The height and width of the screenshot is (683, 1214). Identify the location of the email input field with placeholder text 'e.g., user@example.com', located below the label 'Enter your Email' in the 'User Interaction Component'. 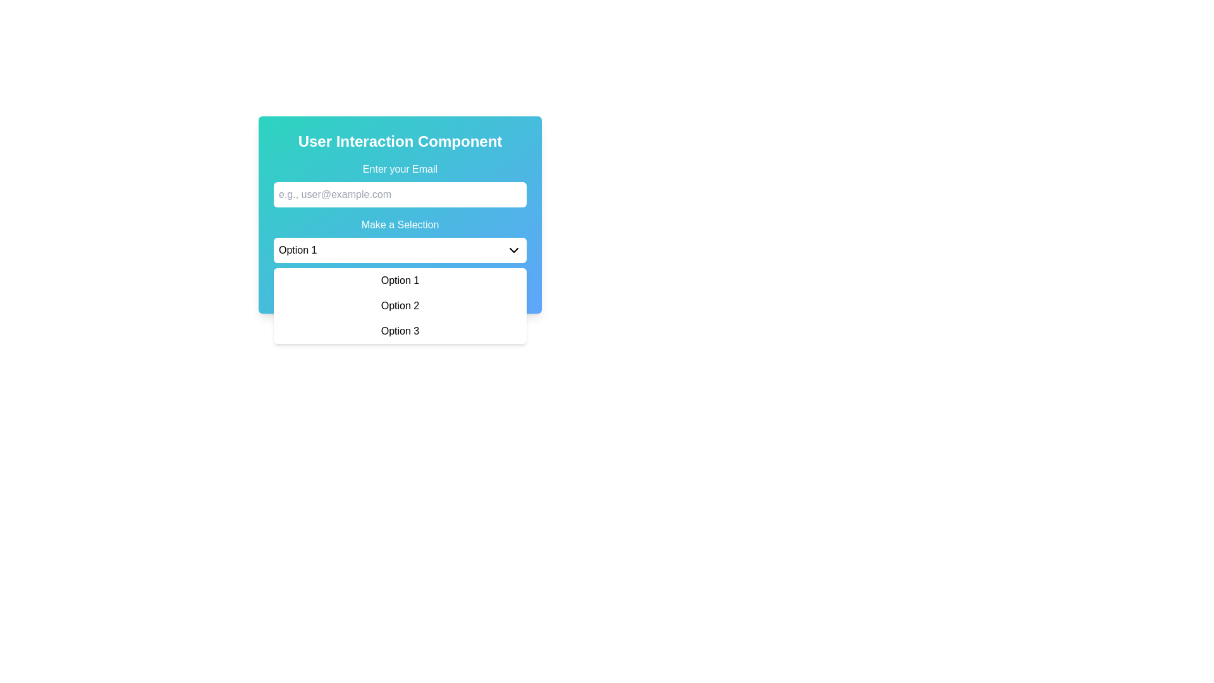
(400, 185).